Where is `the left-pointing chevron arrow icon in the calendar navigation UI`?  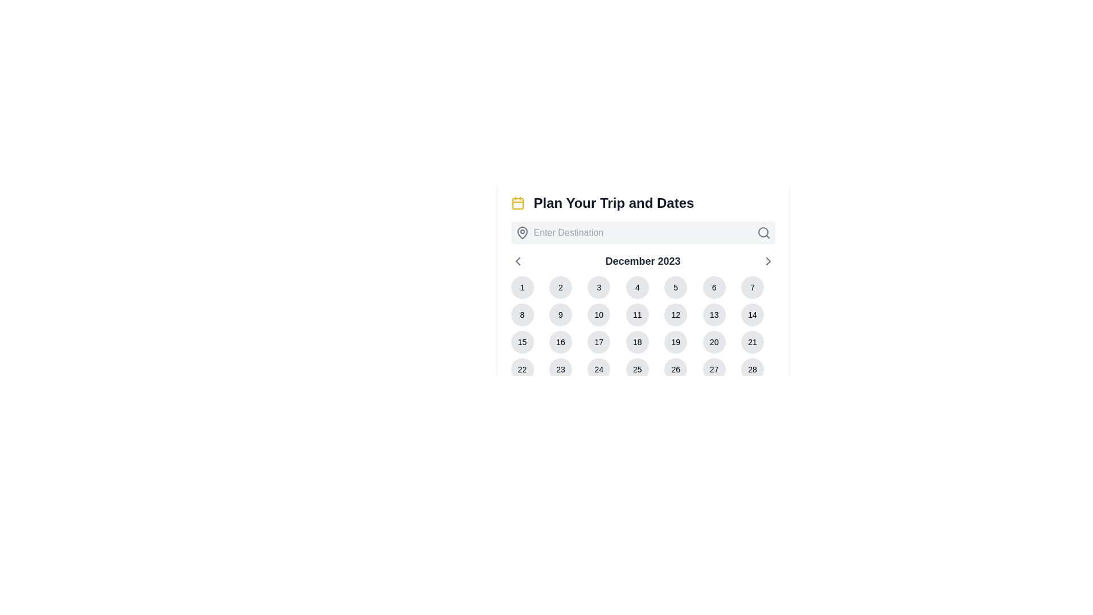
the left-pointing chevron arrow icon in the calendar navigation UI is located at coordinates (517, 261).